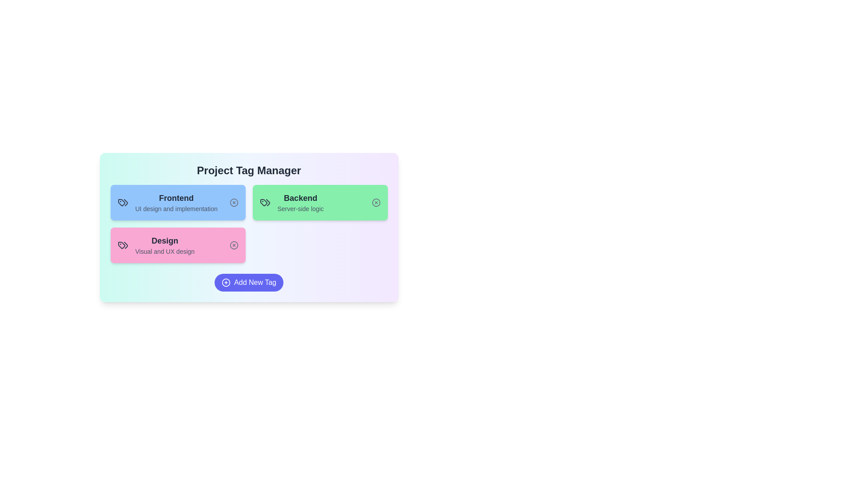 The image size is (853, 480). Describe the element at coordinates (249, 283) in the screenshot. I see `the 'Add New Tag' button to add a new tag` at that location.